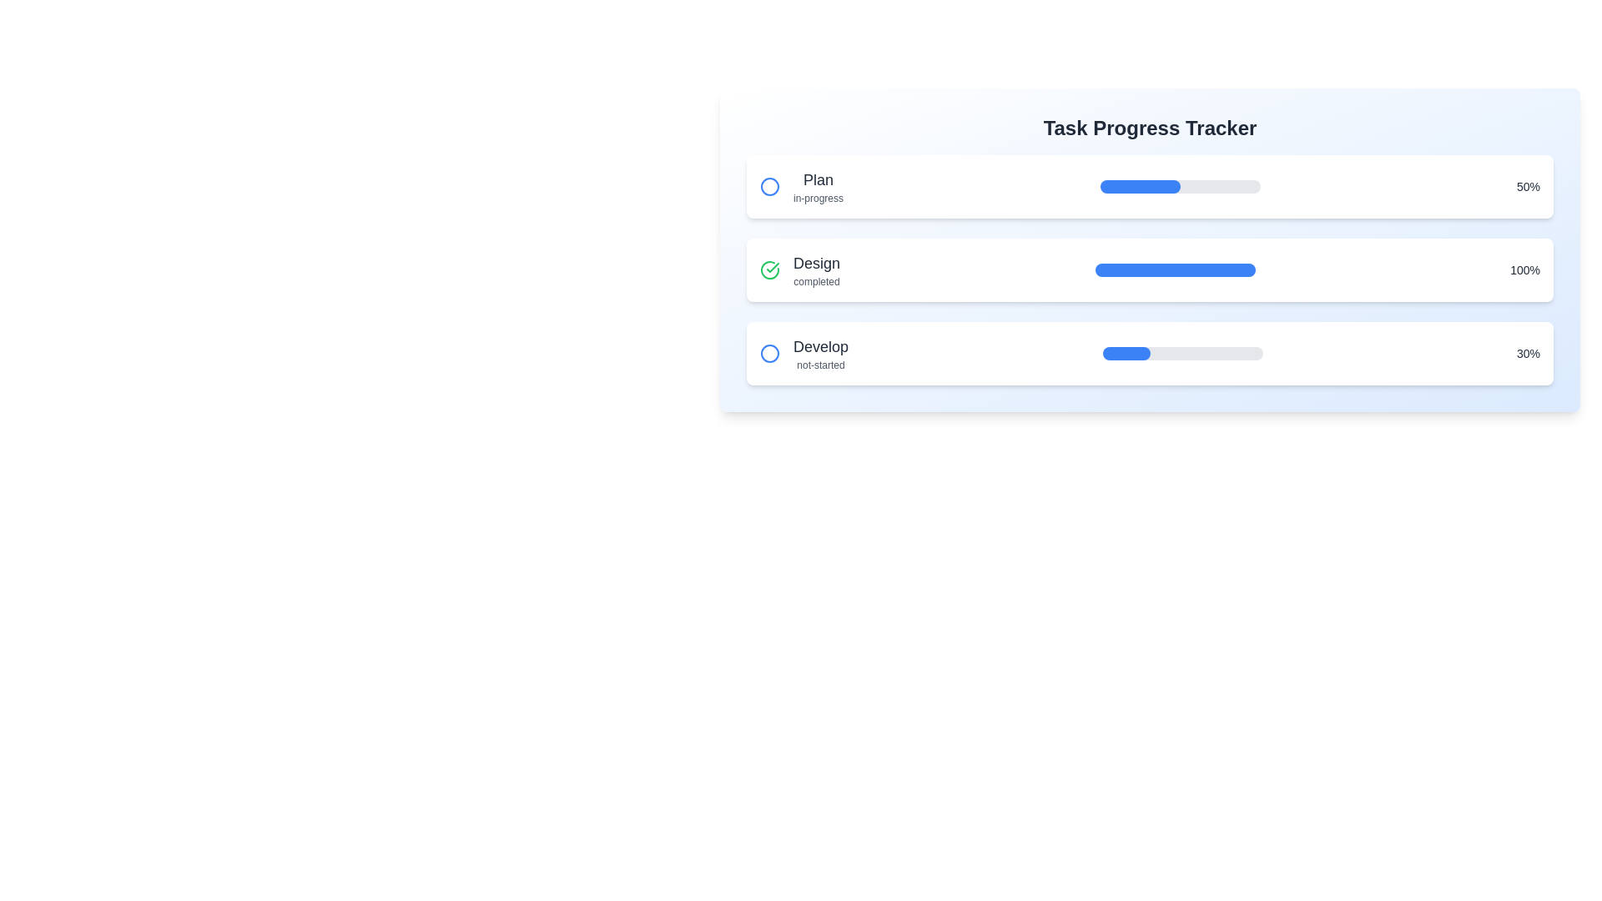 The width and height of the screenshot is (1602, 901). Describe the element at coordinates (820, 346) in the screenshot. I see `the text label displaying 'Develop' in bold, dark gray font located in the third row of the task progress tracker interface, positioned to the left of a circular icon` at that location.